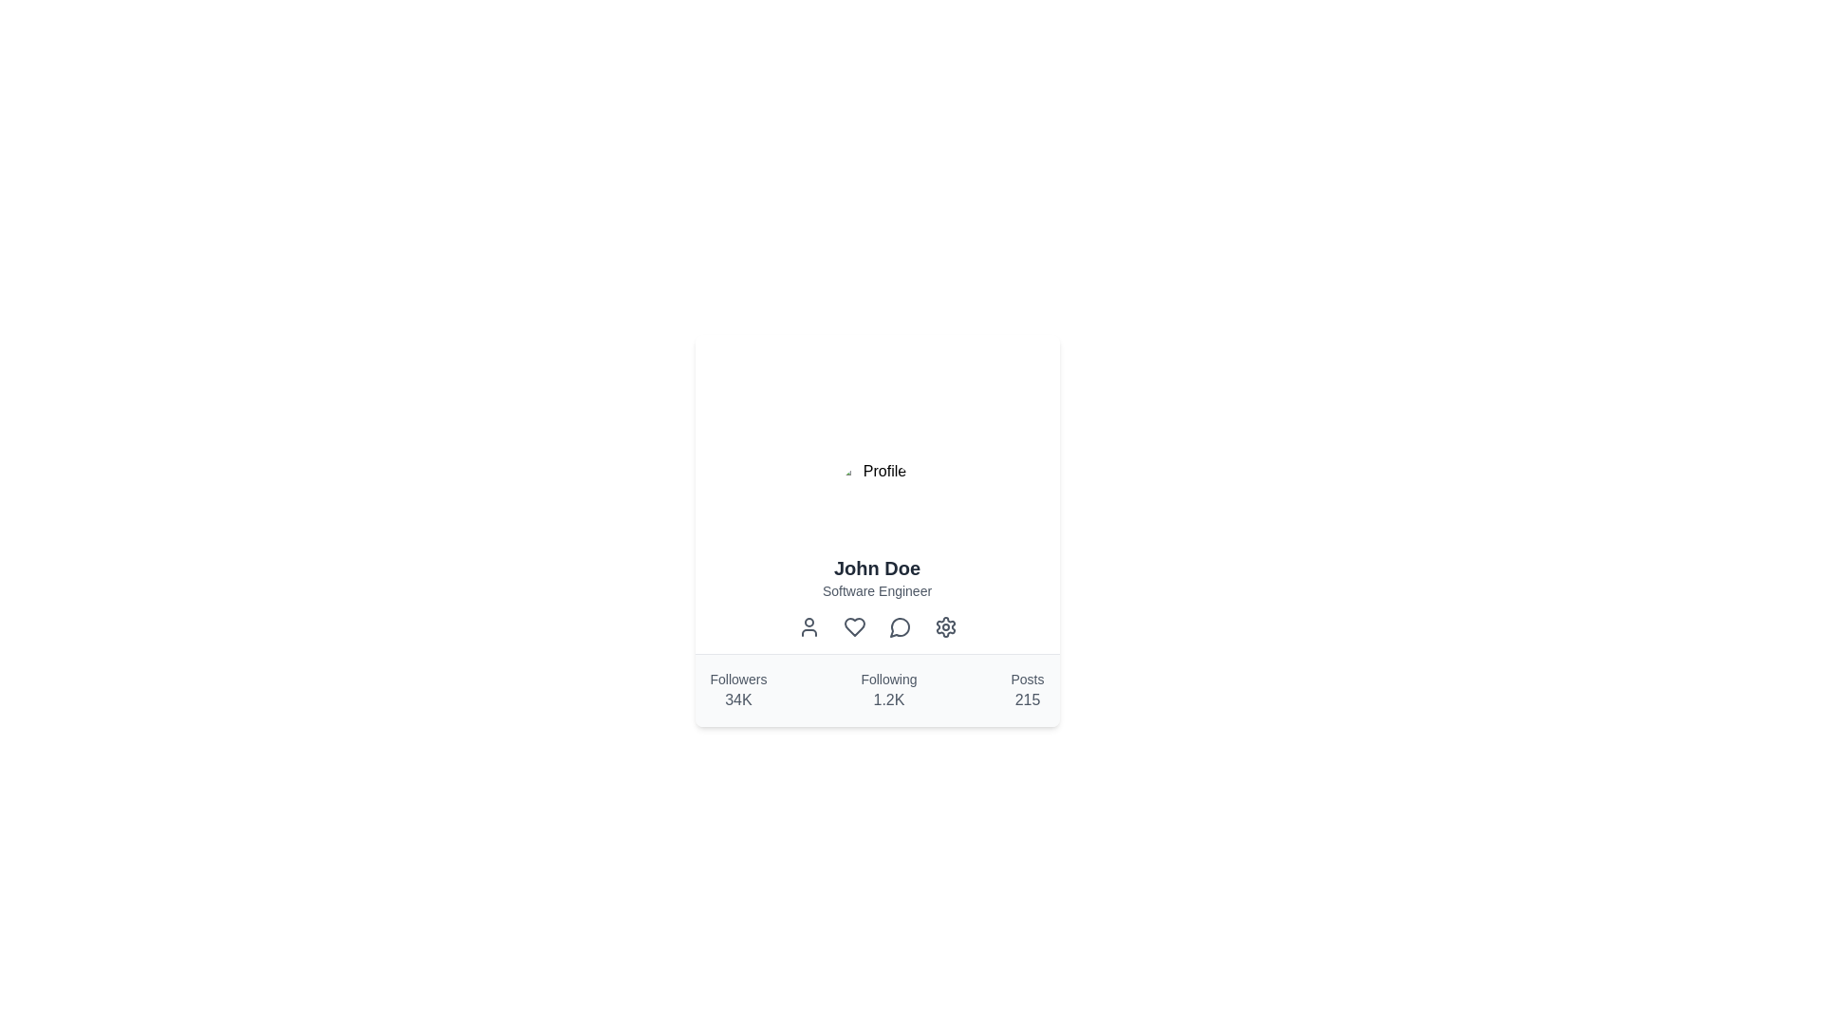 This screenshot has width=1822, height=1025. What do you see at coordinates (737, 699) in the screenshot?
I see `the text label displaying '34K' which is positioned directly under the 'Followers' label to potentially reveal a tooltip` at bounding box center [737, 699].